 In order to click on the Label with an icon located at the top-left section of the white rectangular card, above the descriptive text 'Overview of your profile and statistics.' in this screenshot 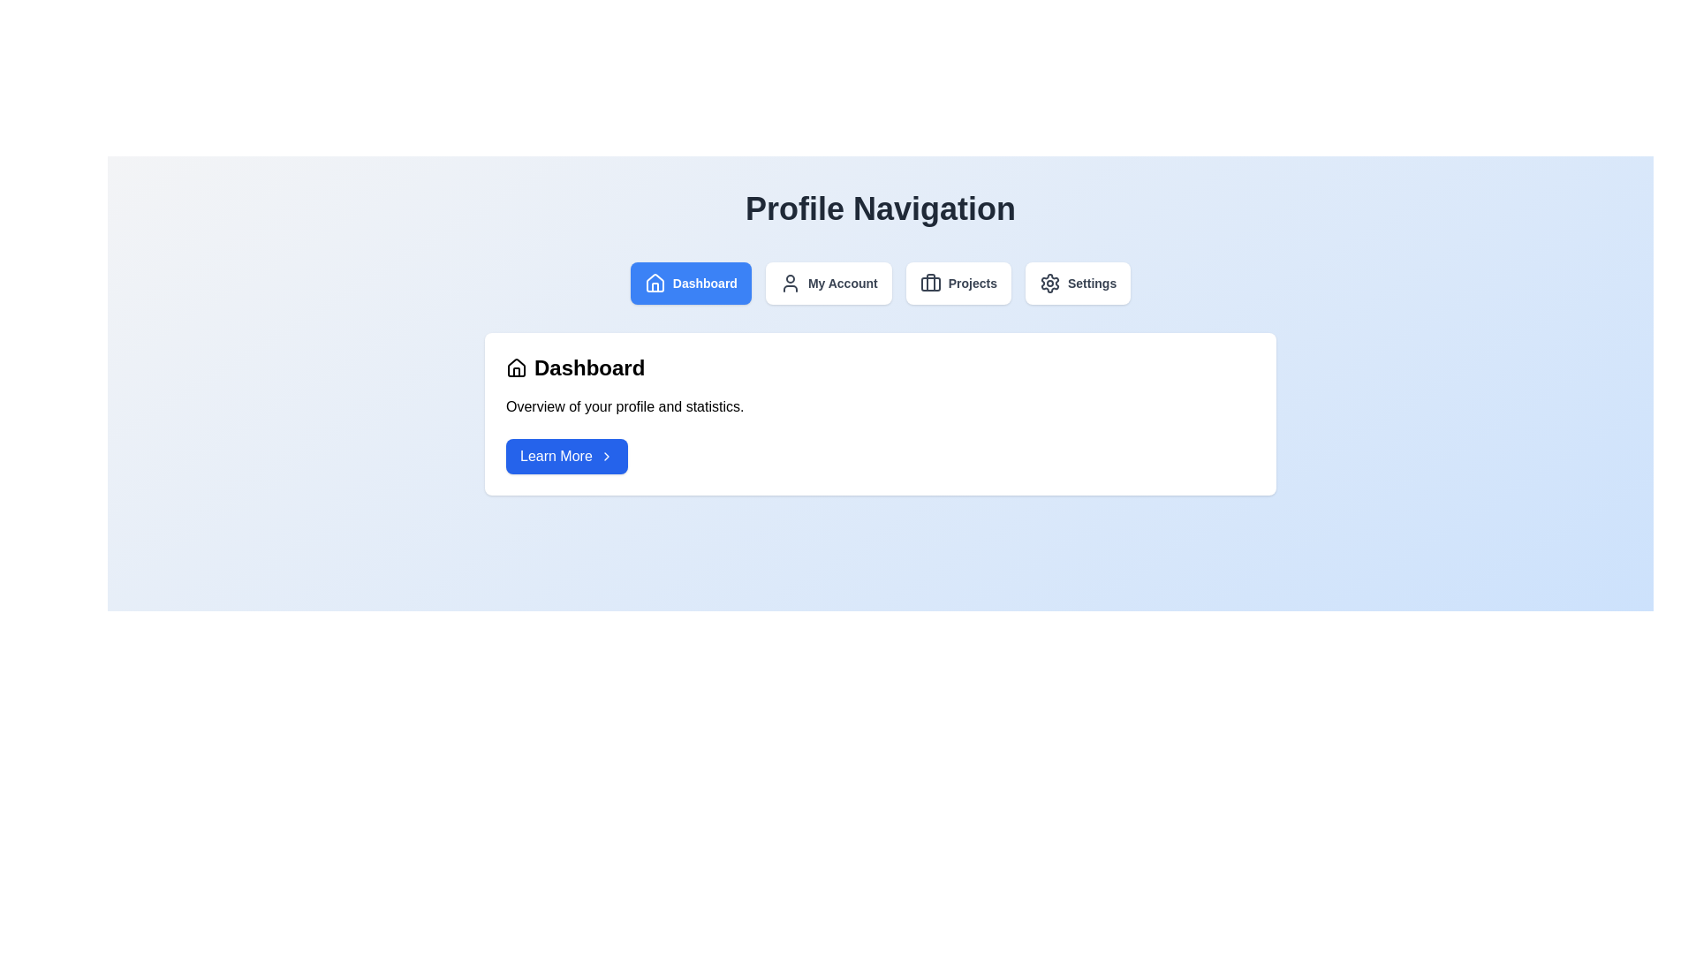, I will do `click(575, 367)`.